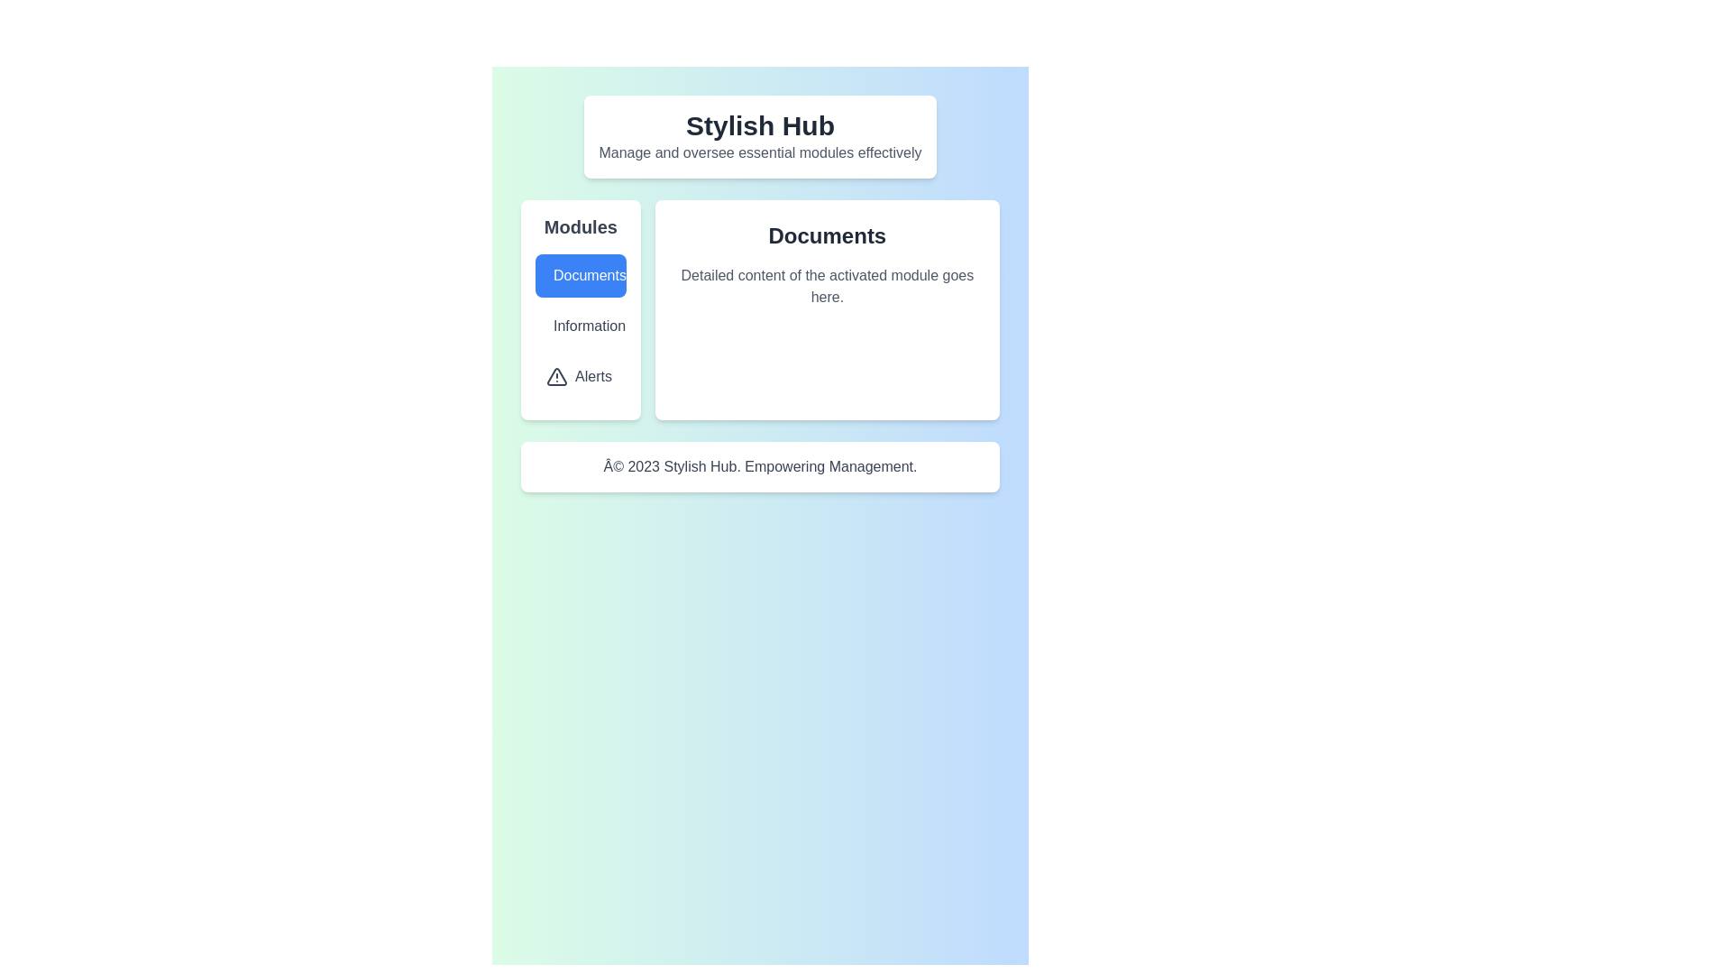  What do you see at coordinates (760, 465) in the screenshot?
I see `the copyright information static text for the platform 'Stylish Hub' located at the bottom center of the interface` at bounding box center [760, 465].